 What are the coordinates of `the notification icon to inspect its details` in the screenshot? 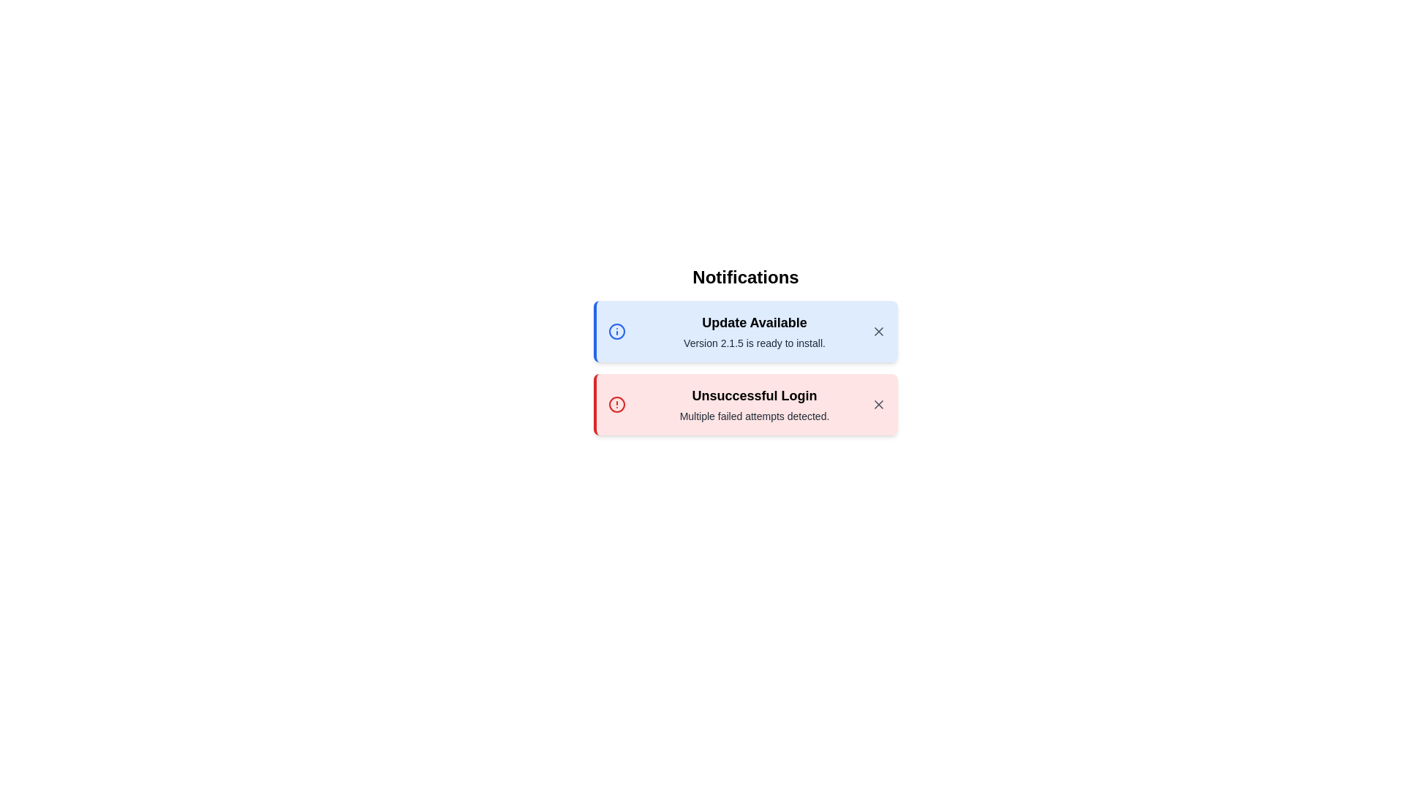 It's located at (617, 332).